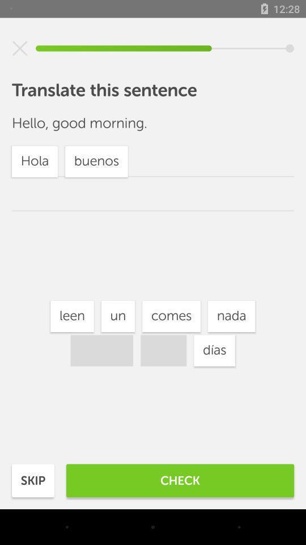  I want to click on skip at the bottom left corner, so click(33, 480).